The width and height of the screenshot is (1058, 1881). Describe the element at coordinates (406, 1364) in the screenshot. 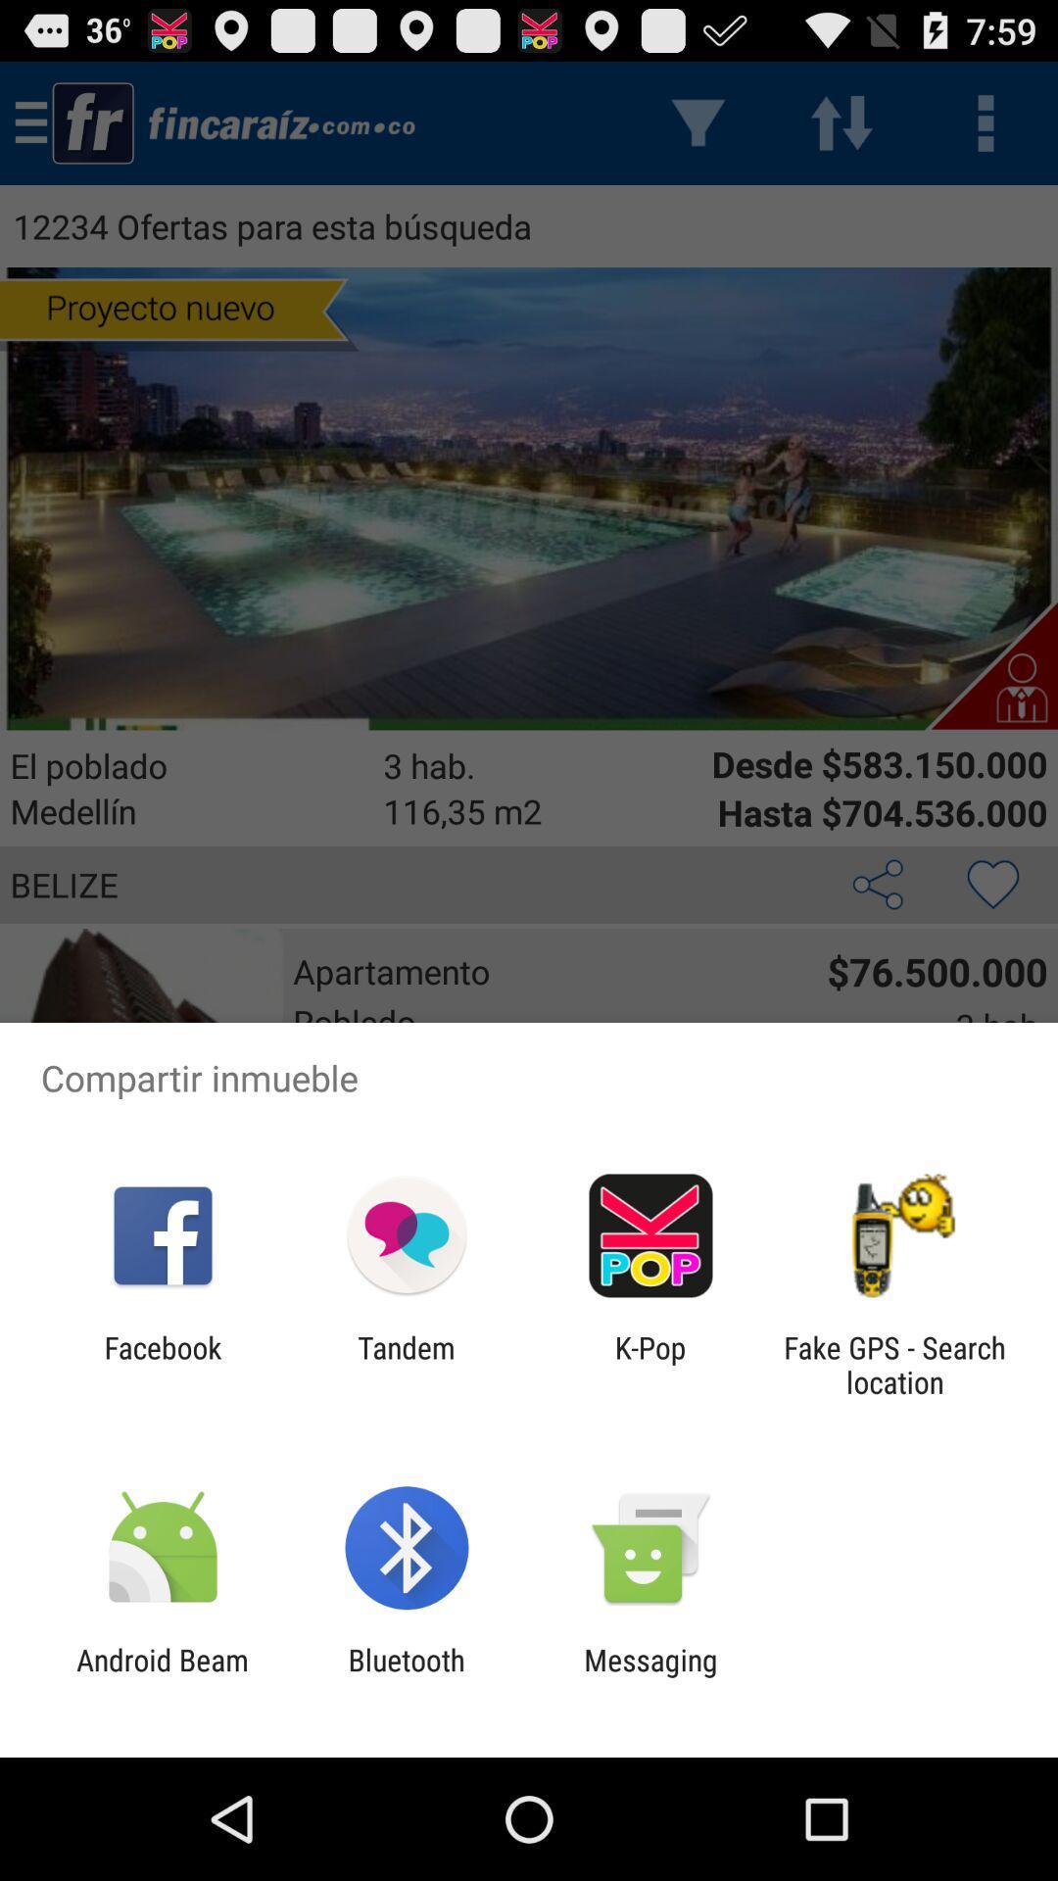

I see `icon next to k-pop item` at that location.